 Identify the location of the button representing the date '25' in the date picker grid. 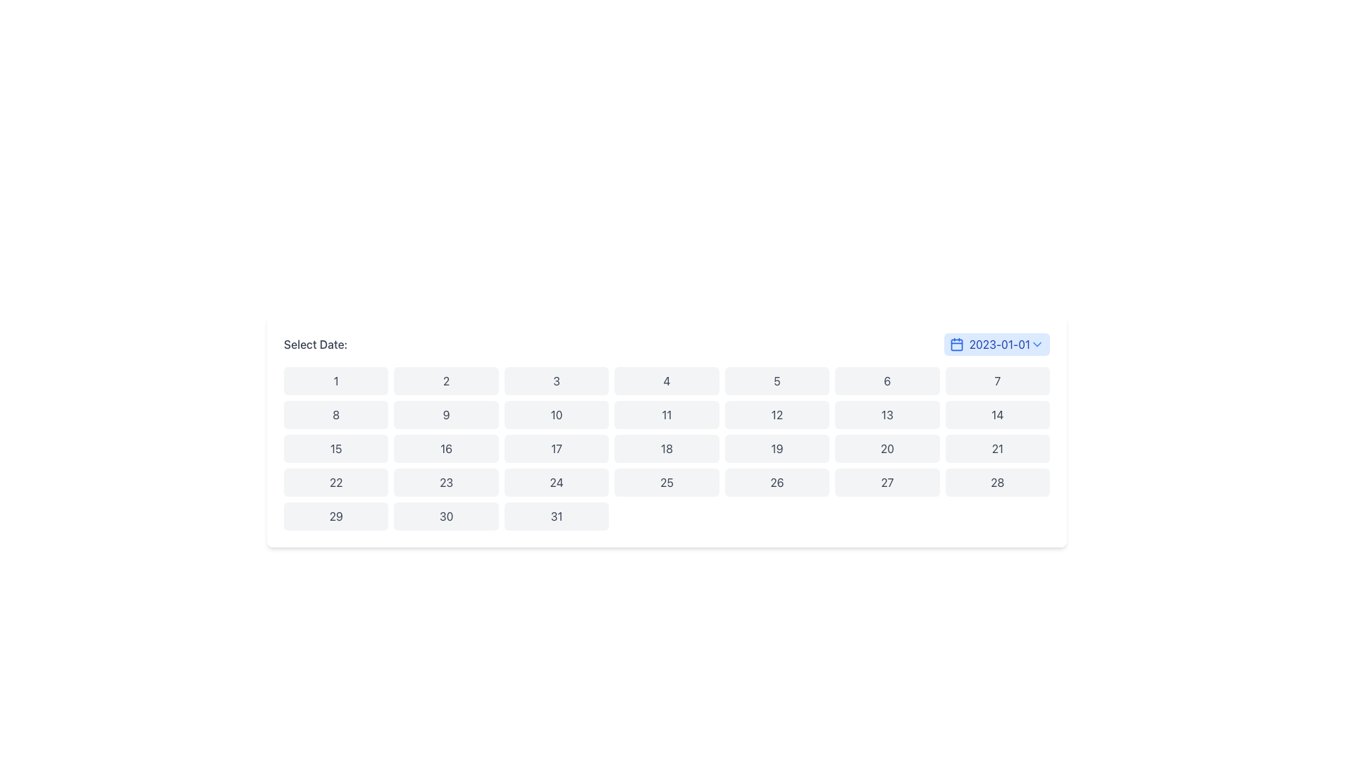
(666, 482).